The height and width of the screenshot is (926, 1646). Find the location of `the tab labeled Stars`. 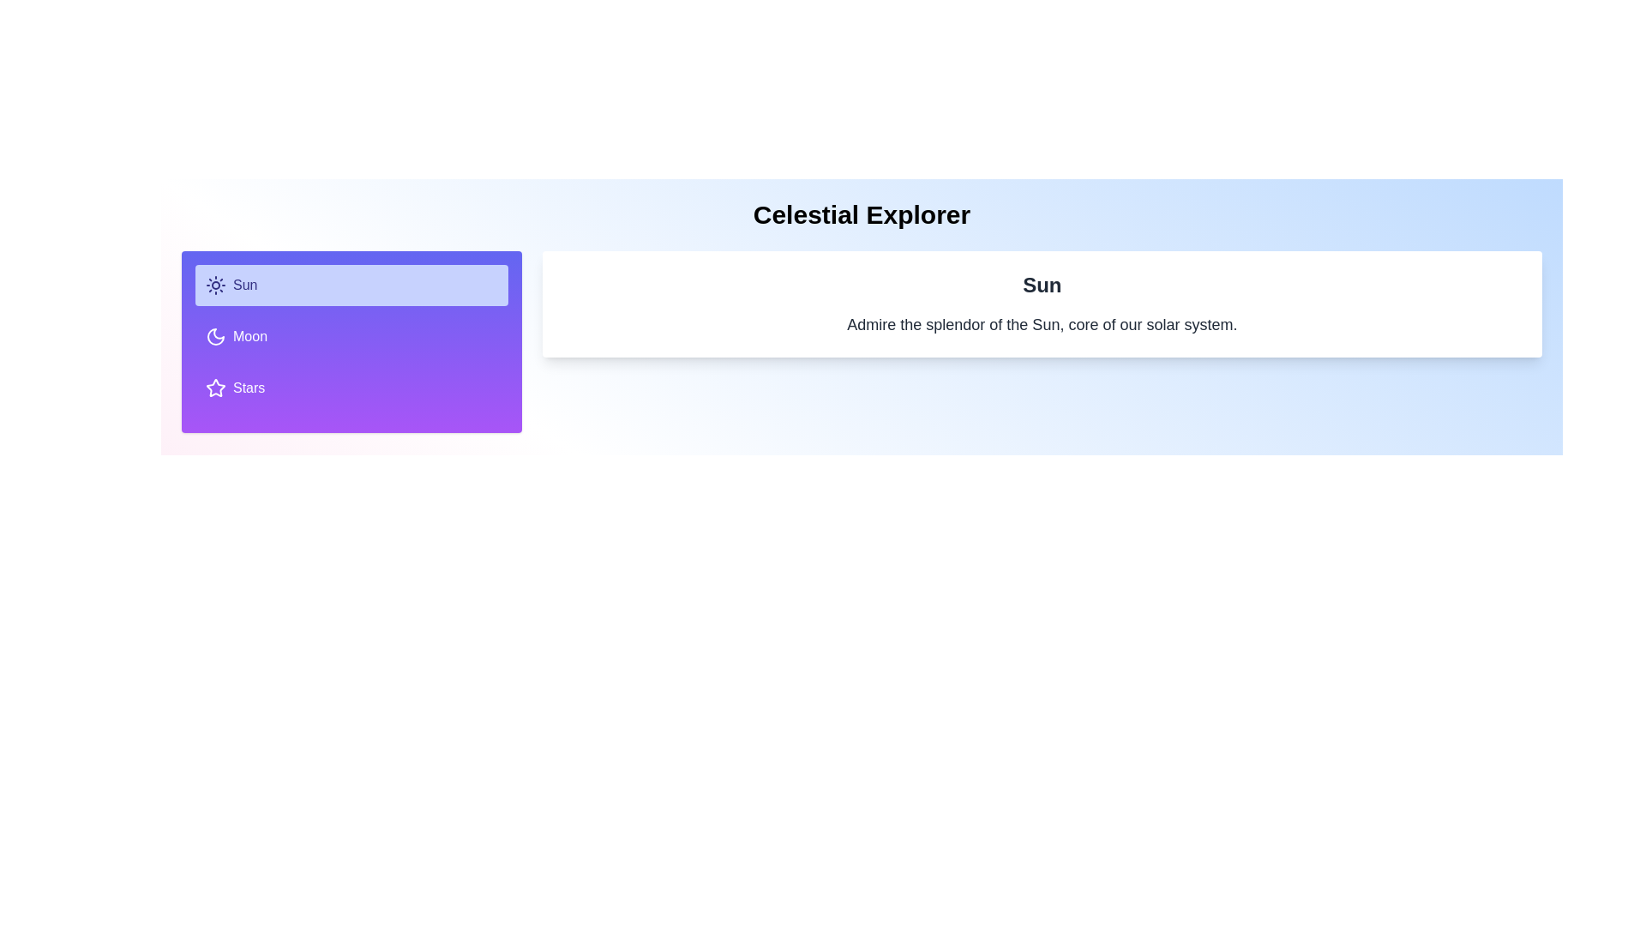

the tab labeled Stars is located at coordinates (351, 388).